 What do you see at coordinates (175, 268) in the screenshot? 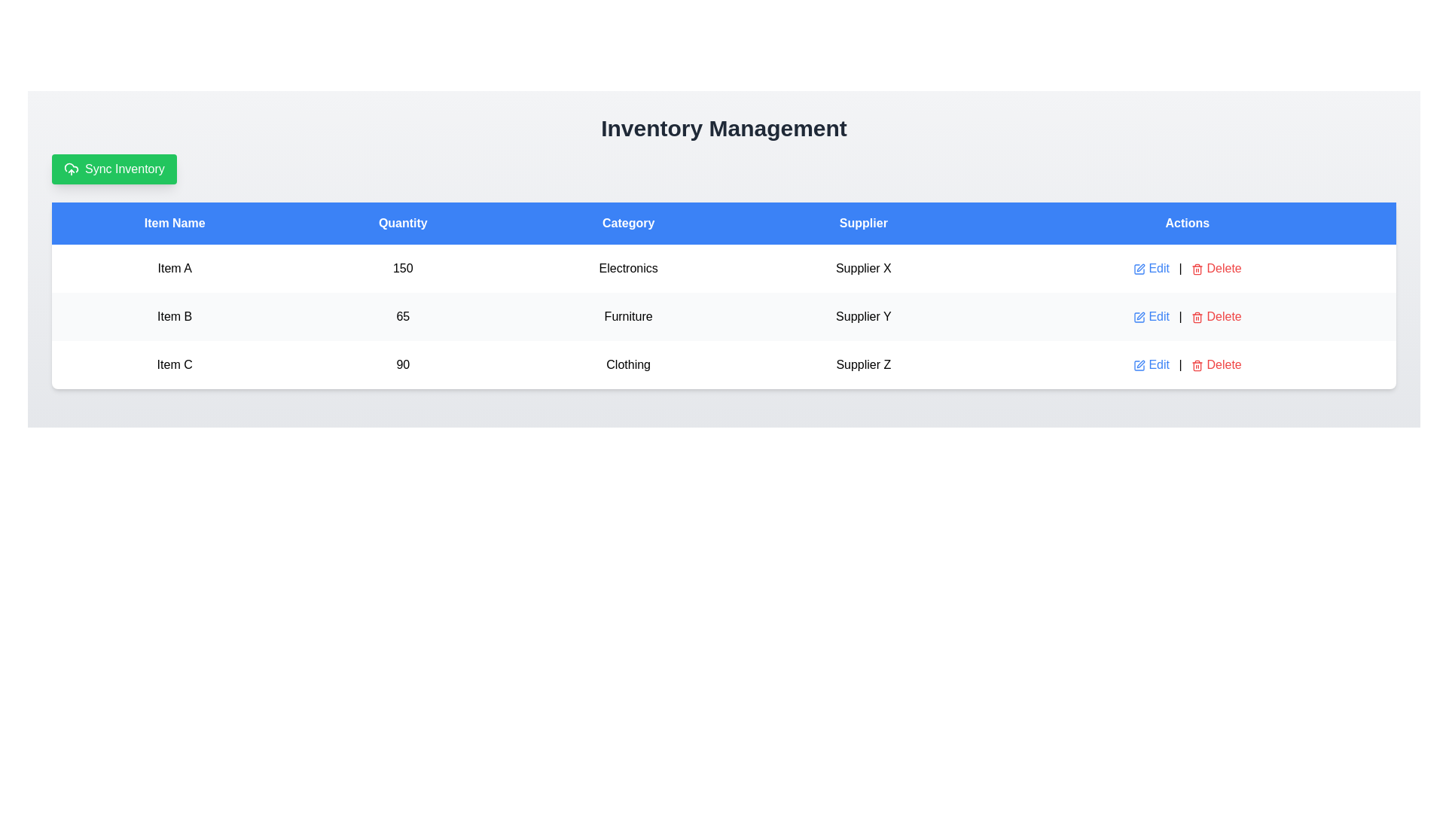
I see `the text label displaying 'Item A' in the first column under the header 'Item Name' in the data table` at bounding box center [175, 268].